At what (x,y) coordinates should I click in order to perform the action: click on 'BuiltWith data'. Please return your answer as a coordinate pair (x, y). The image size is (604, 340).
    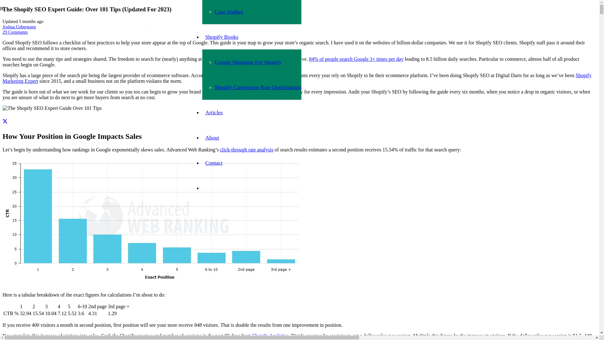
    Looking at the image, I should click on (233, 75).